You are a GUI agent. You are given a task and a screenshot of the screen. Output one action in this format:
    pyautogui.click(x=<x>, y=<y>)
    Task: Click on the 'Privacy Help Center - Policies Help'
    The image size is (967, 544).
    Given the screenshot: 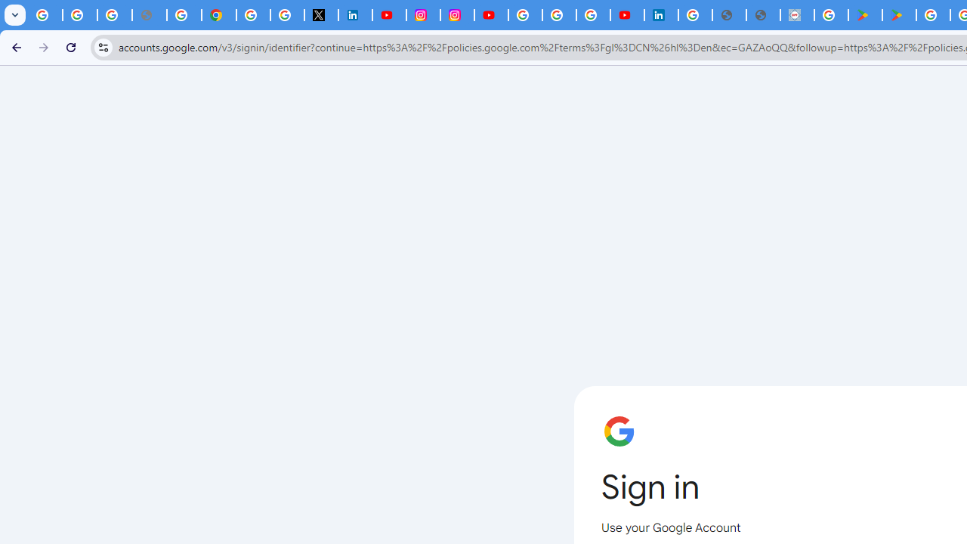 What is the action you would take?
    pyautogui.click(x=184, y=15)
    